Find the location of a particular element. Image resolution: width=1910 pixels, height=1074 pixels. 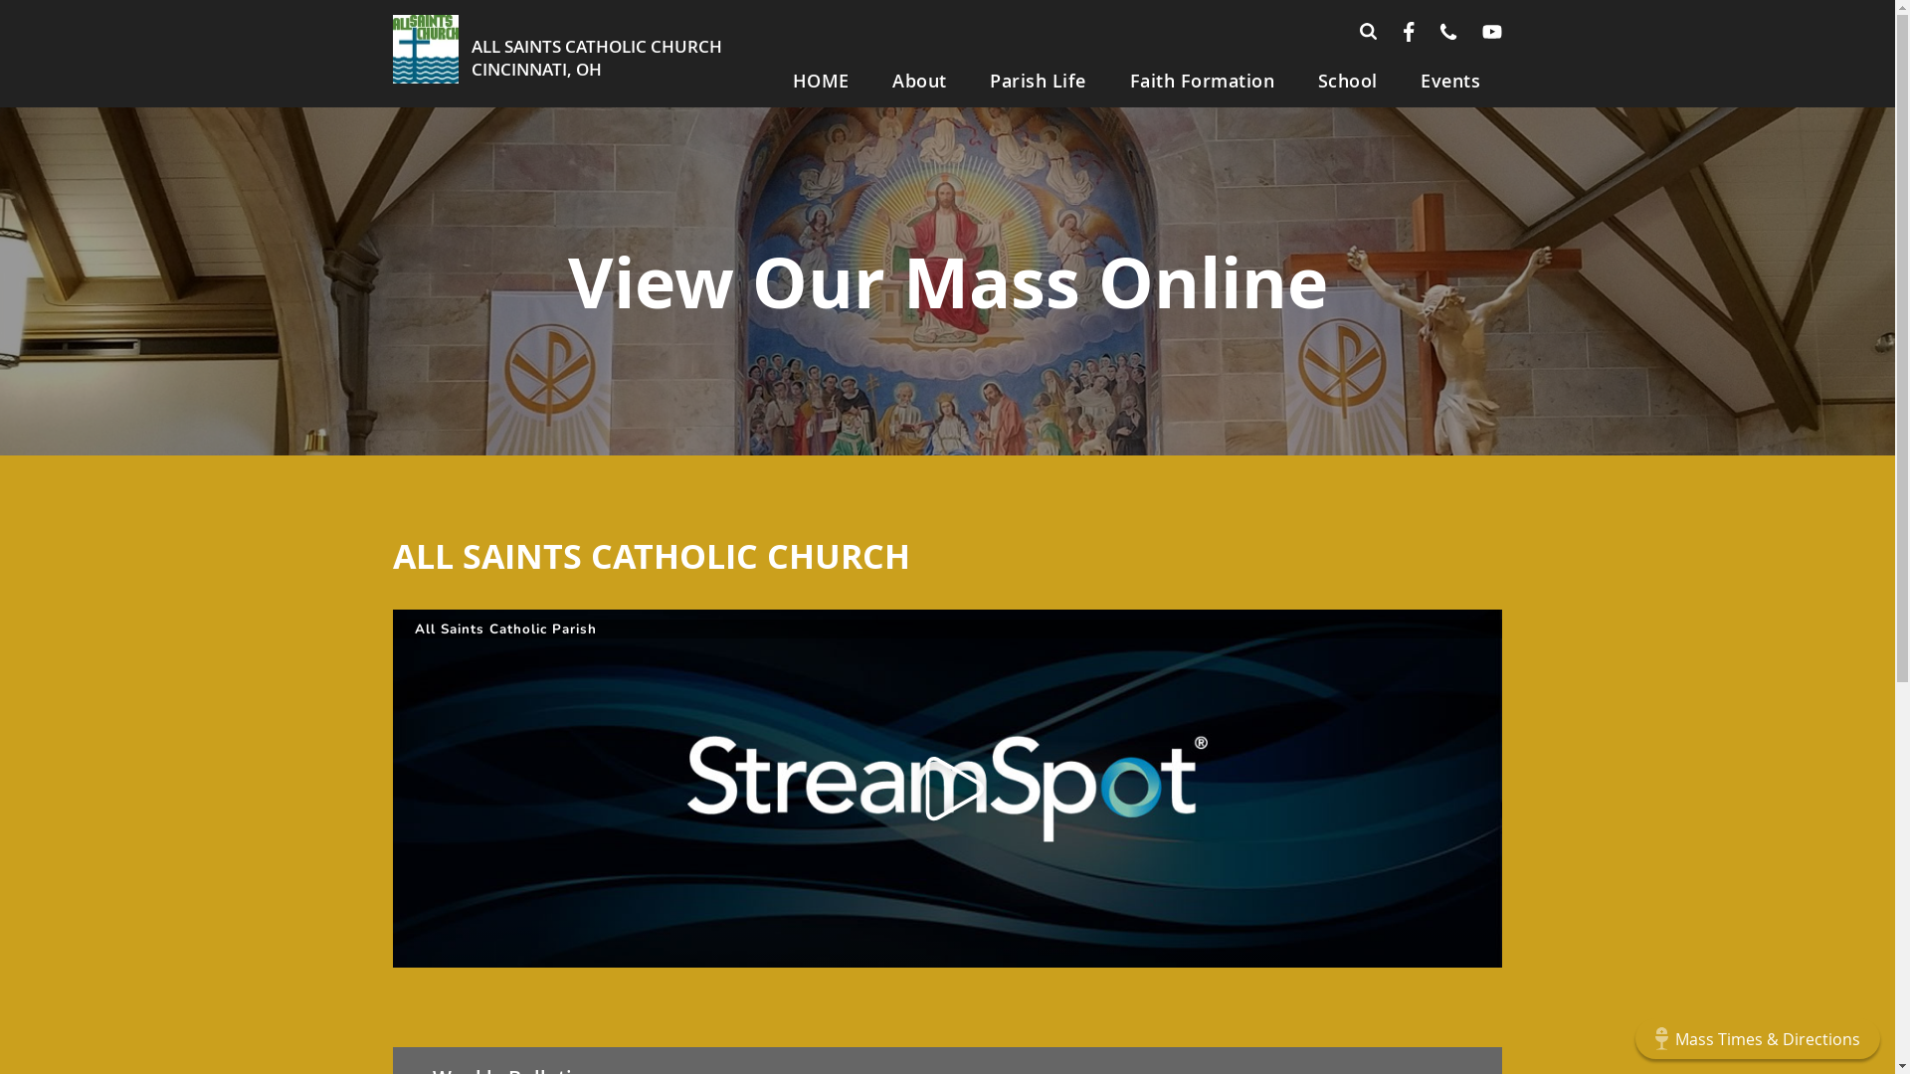

'About' is located at coordinates (919, 80).